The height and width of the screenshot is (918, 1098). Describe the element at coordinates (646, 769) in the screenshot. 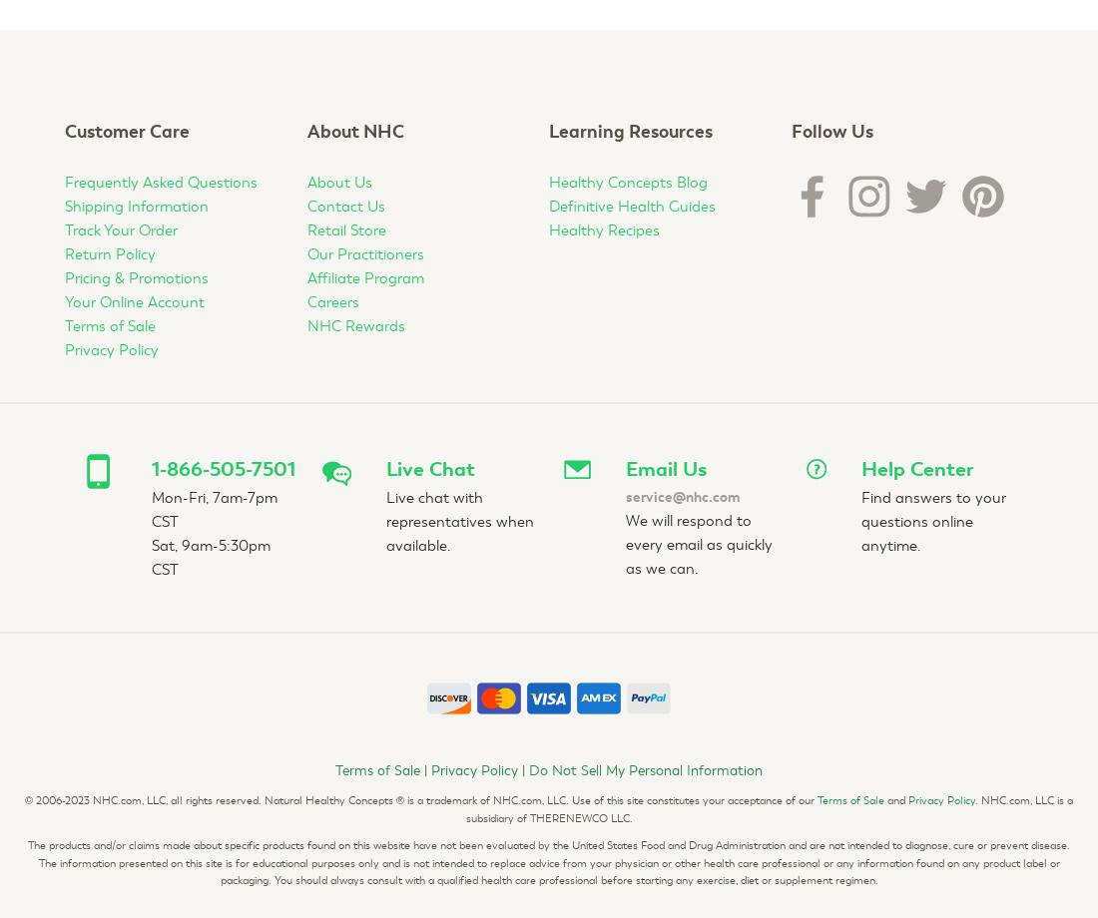

I see `'Do Not Sell My Personal Information'` at that location.